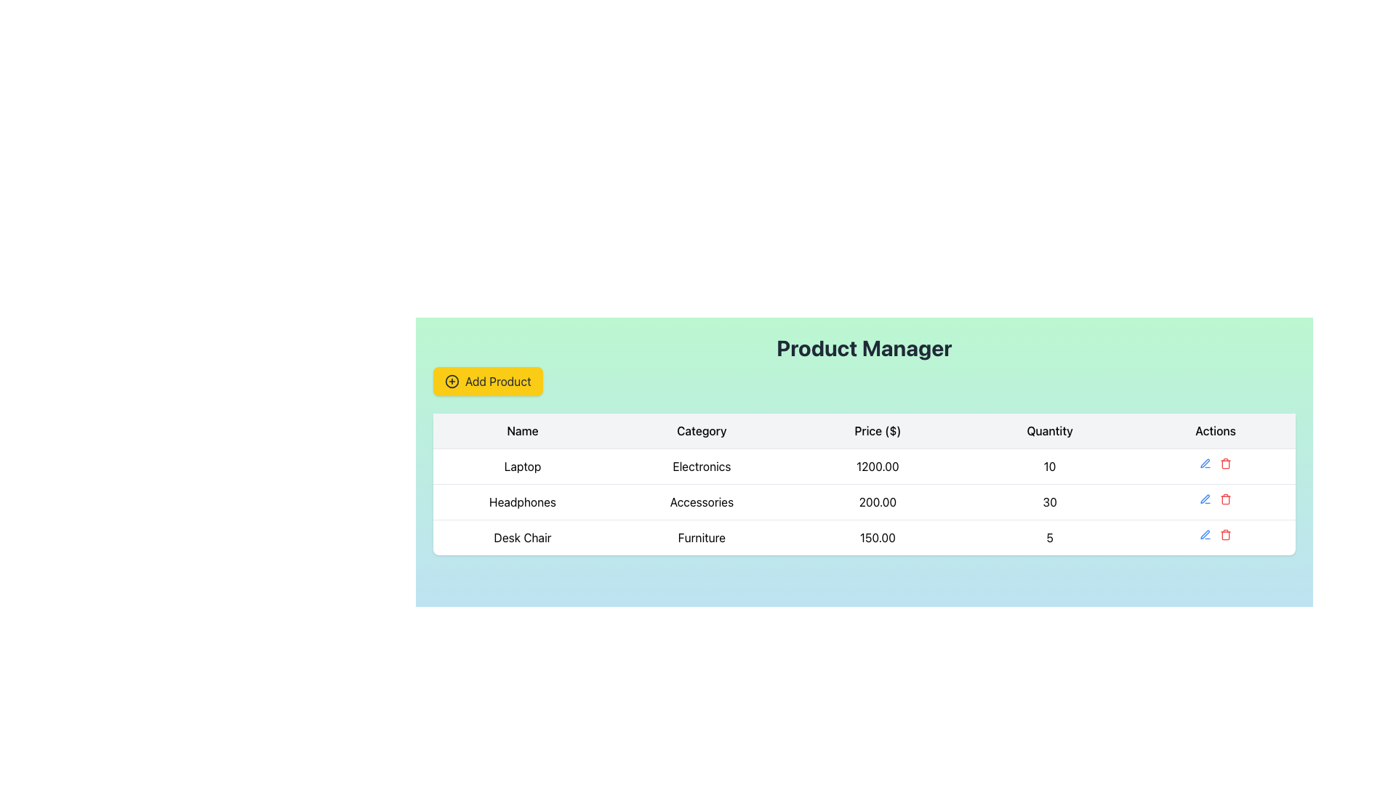 Image resolution: width=1396 pixels, height=785 pixels. Describe the element at coordinates (1050, 466) in the screenshot. I see `the static text display that shows the quantity of the product 'Laptop' in the product management table, located in the fourth column under the 'Quantity' header` at that location.